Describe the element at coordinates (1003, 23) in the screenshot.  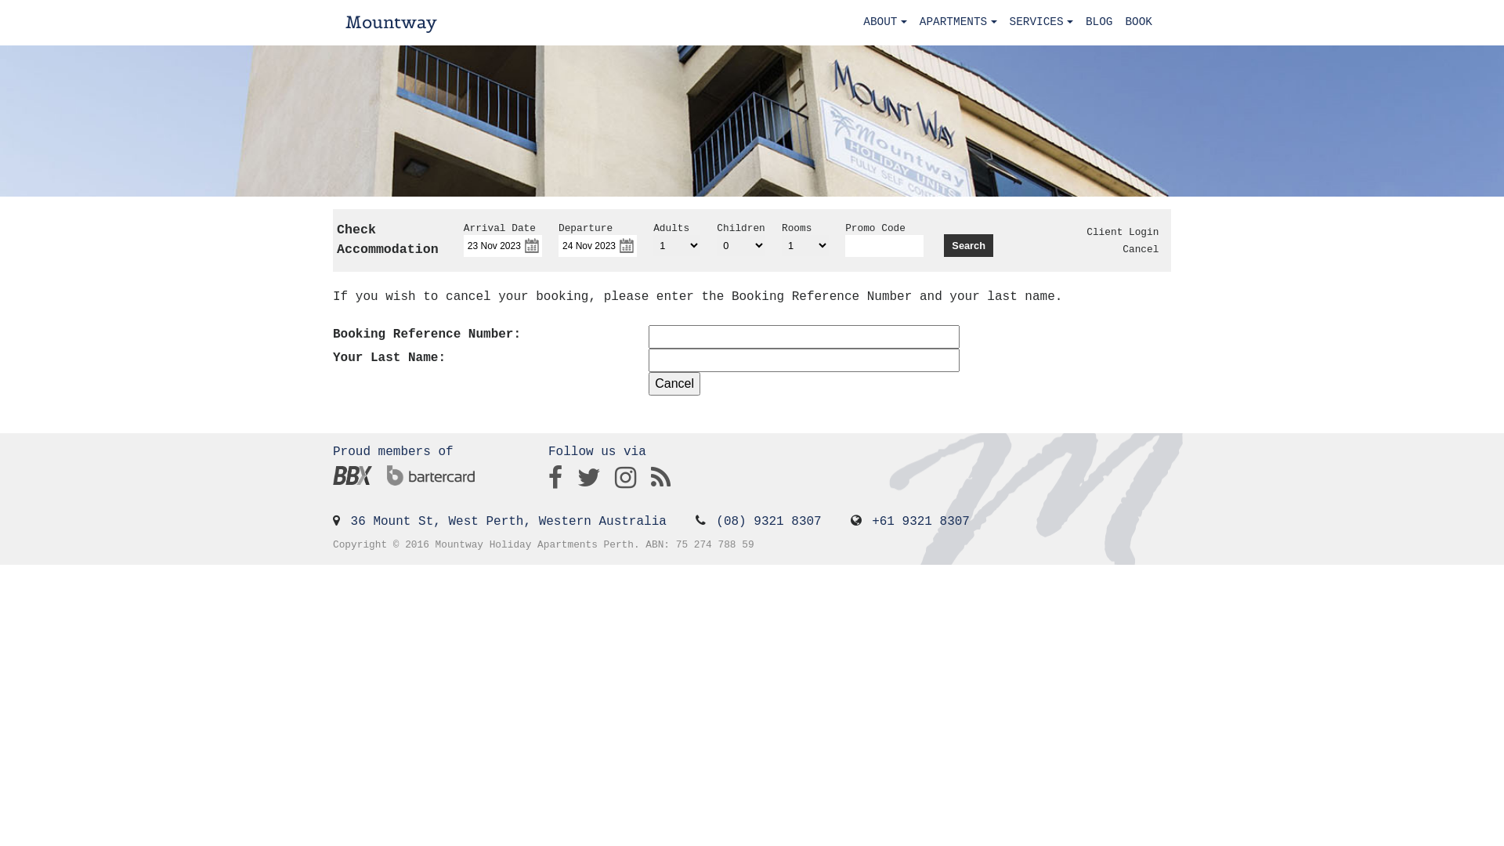
I see `'SERVICES'` at that location.